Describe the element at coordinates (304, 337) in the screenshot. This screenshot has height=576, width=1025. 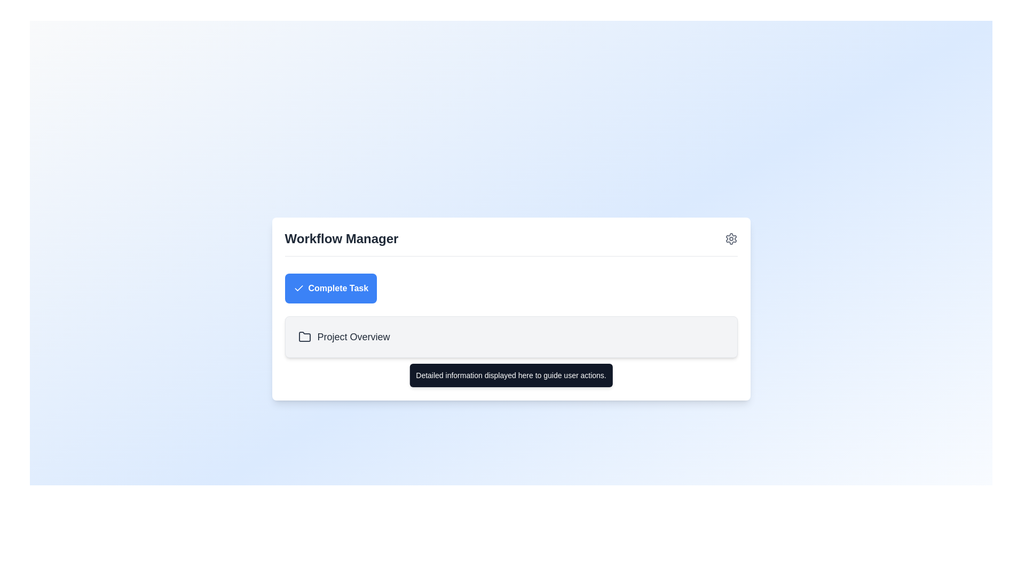
I see `the folder-shaped icon with a dark gray outline that is positioned before the text 'Project Overview'` at that location.